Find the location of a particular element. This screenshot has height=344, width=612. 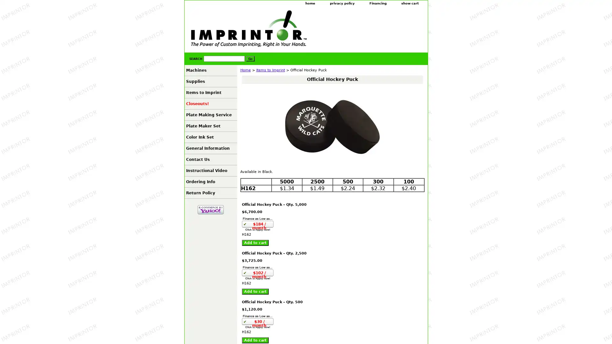

Add to cart is located at coordinates (255, 243).